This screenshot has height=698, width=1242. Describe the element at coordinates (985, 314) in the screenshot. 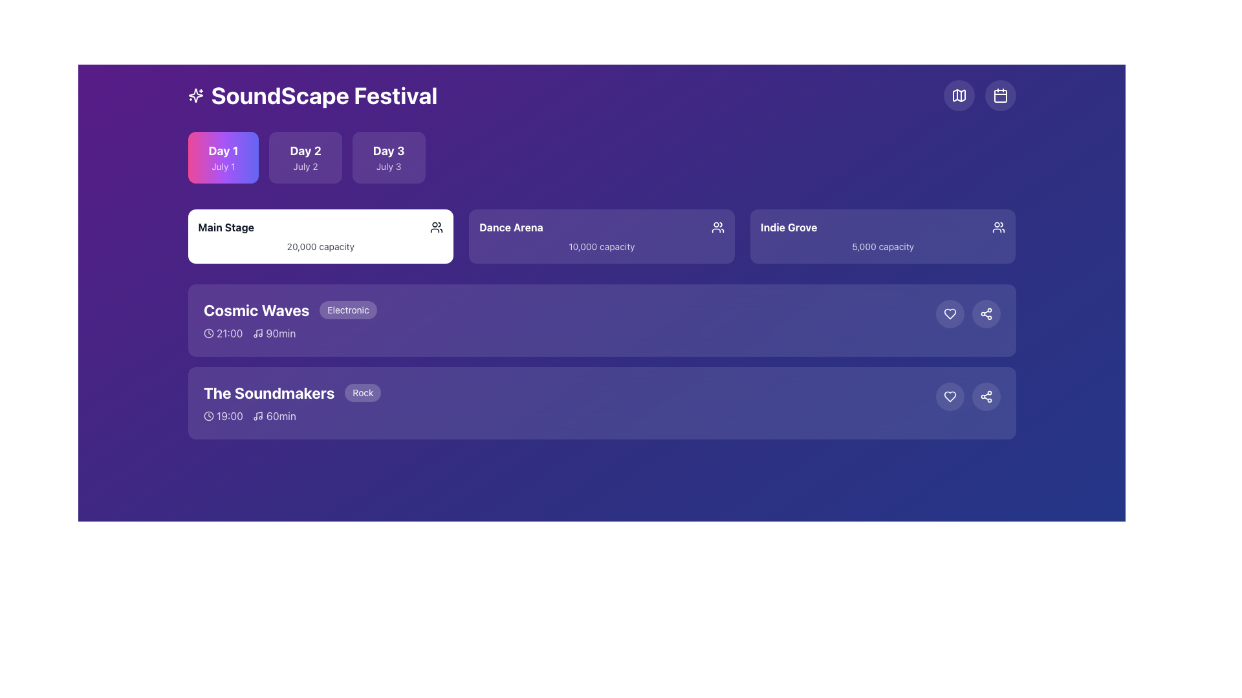

I see `the circular share button with a light transparent white background and a share icon` at that location.